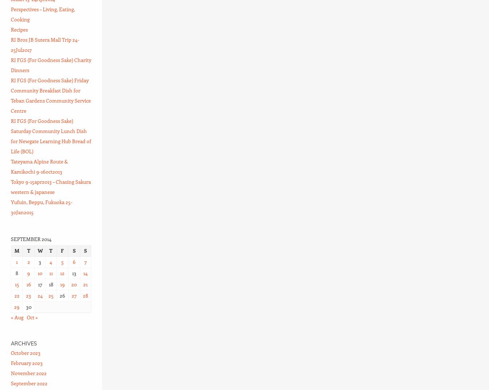  I want to click on '16', so click(28, 284).